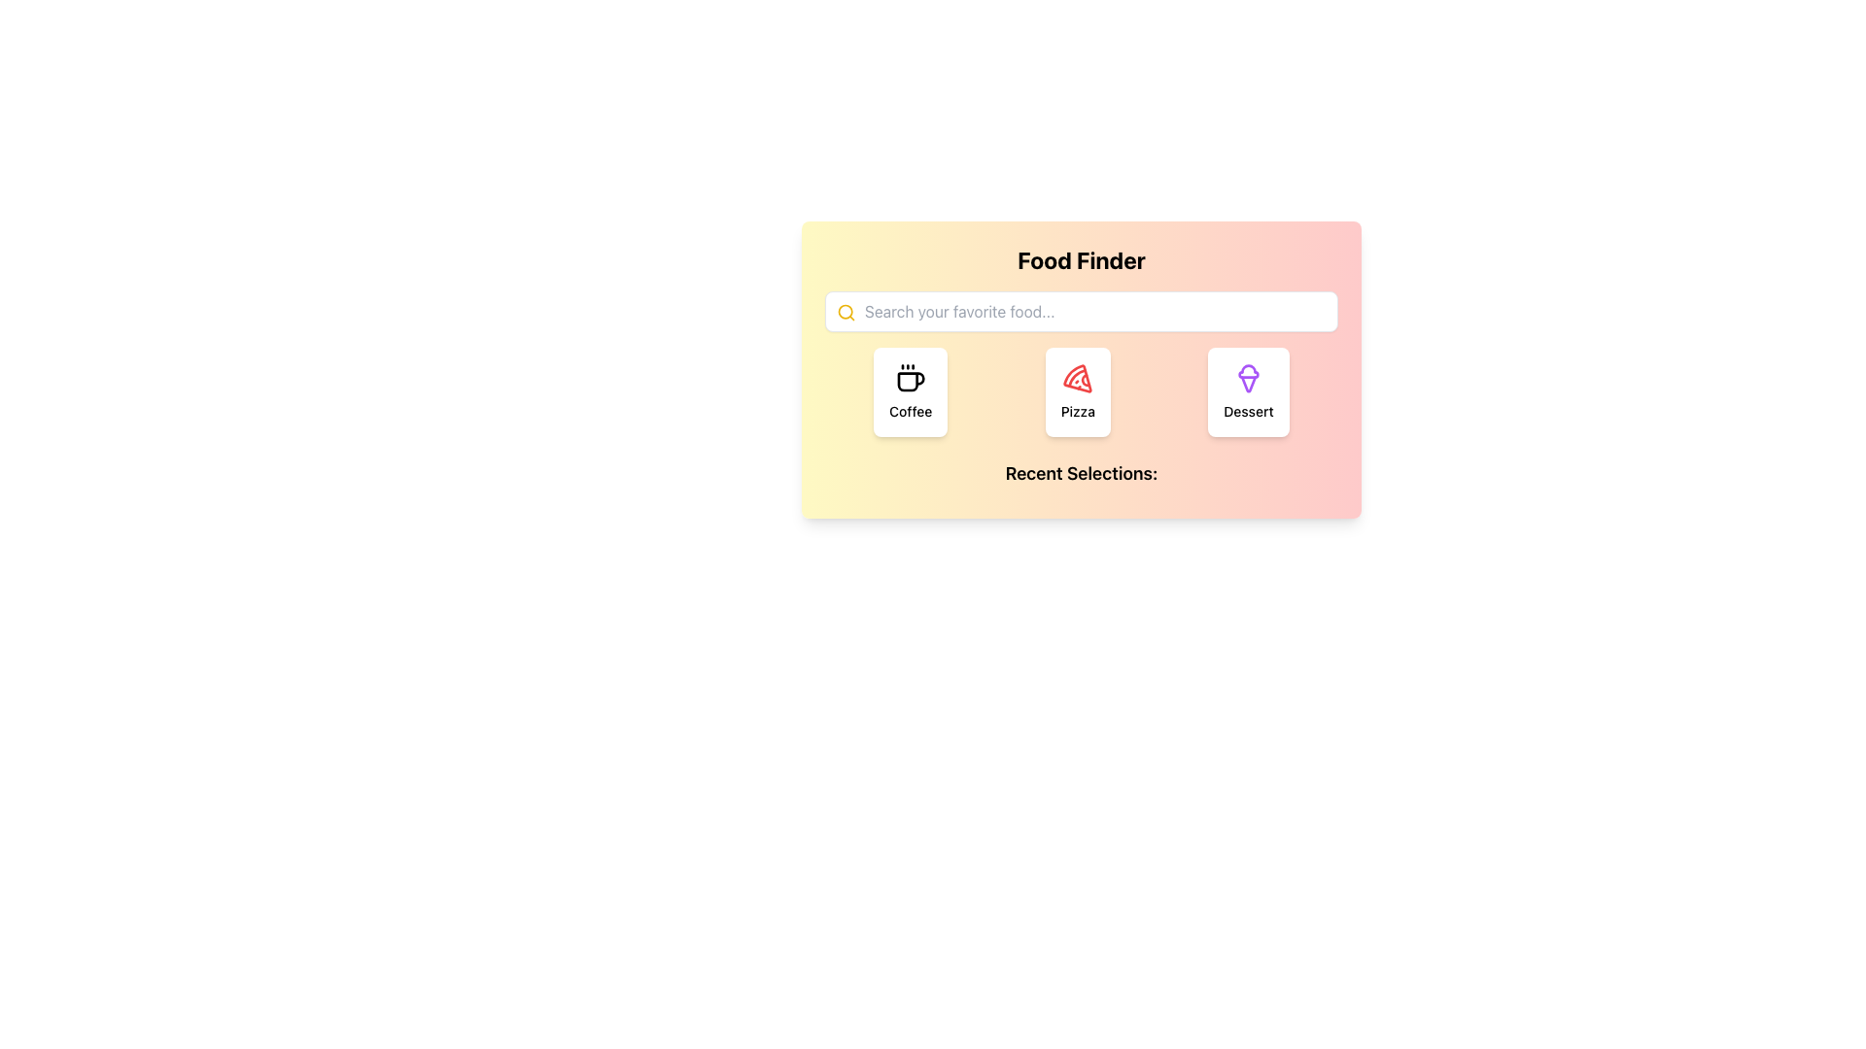 The height and width of the screenshot is (1049, 1866). I want to click on the text label displaying the word 'Pizza', which is styled in a smaller font and located at the bottom of the central card in a three-card layout, so click(1077, 411).